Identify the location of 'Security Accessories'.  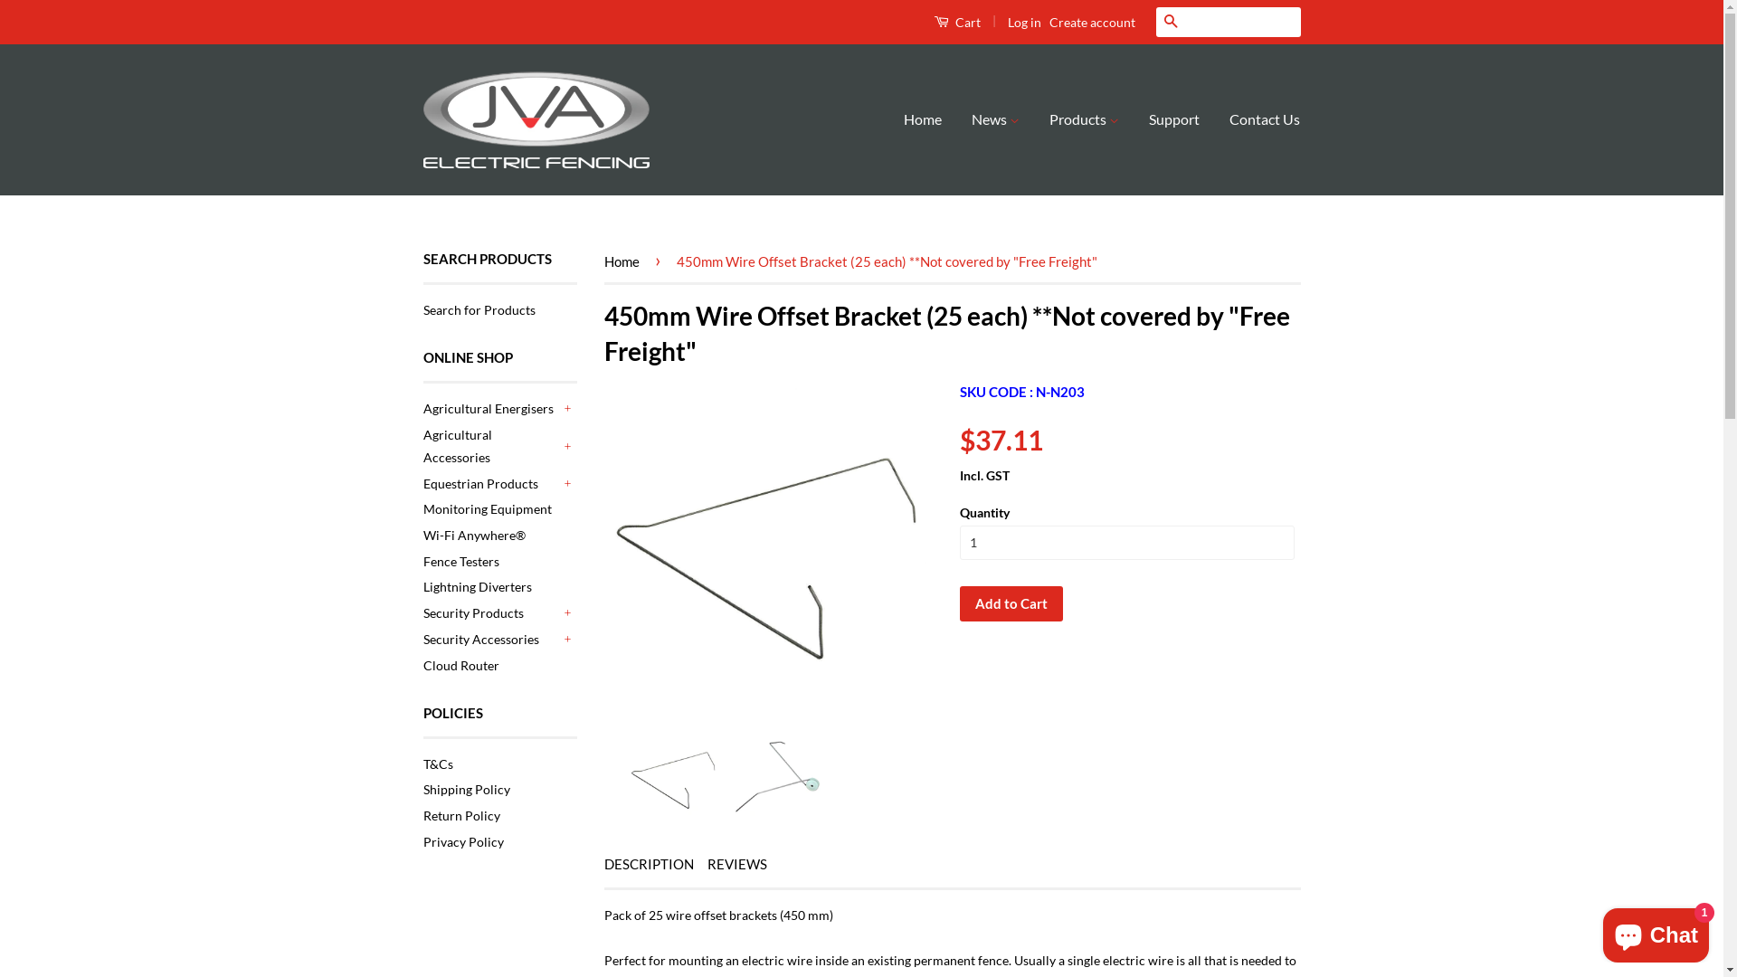
(490, 638).